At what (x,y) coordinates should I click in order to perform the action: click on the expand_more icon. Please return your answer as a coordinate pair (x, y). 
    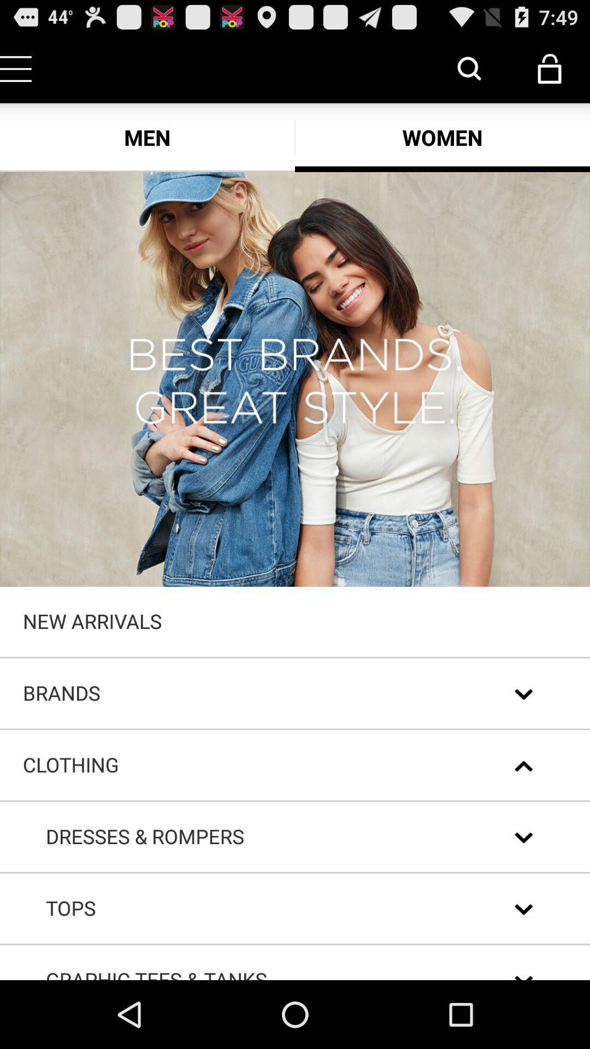
    Looking at the image, I should click on (523, 897).